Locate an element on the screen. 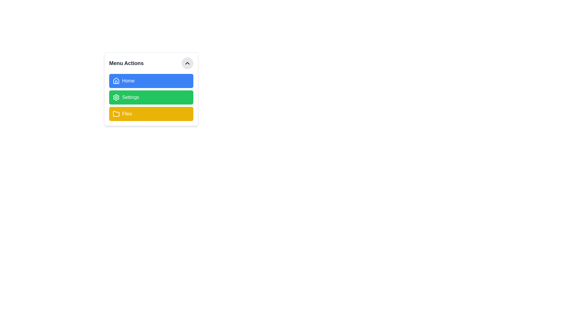 This screenshot has height=318, width=565. the cogwheel icon on the green background, which is the second menu item in the settings menu, located between the 'Home' and 'Files' menu items is located at coordinates (116, 97).